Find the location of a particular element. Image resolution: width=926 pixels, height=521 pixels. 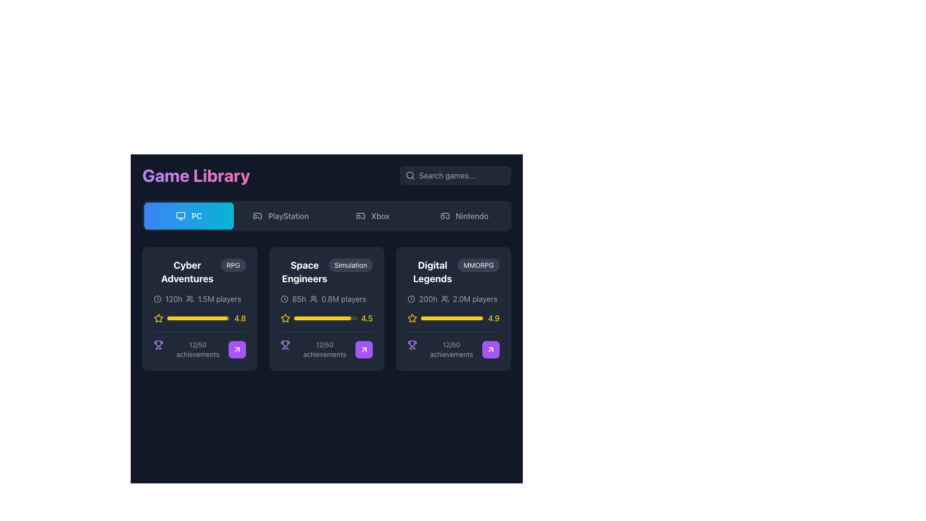

the Label with Tag that displays the game's name 'Digital Legends' and its genre classification, located at the upper part of the game card is located at coordinates (453, 272).